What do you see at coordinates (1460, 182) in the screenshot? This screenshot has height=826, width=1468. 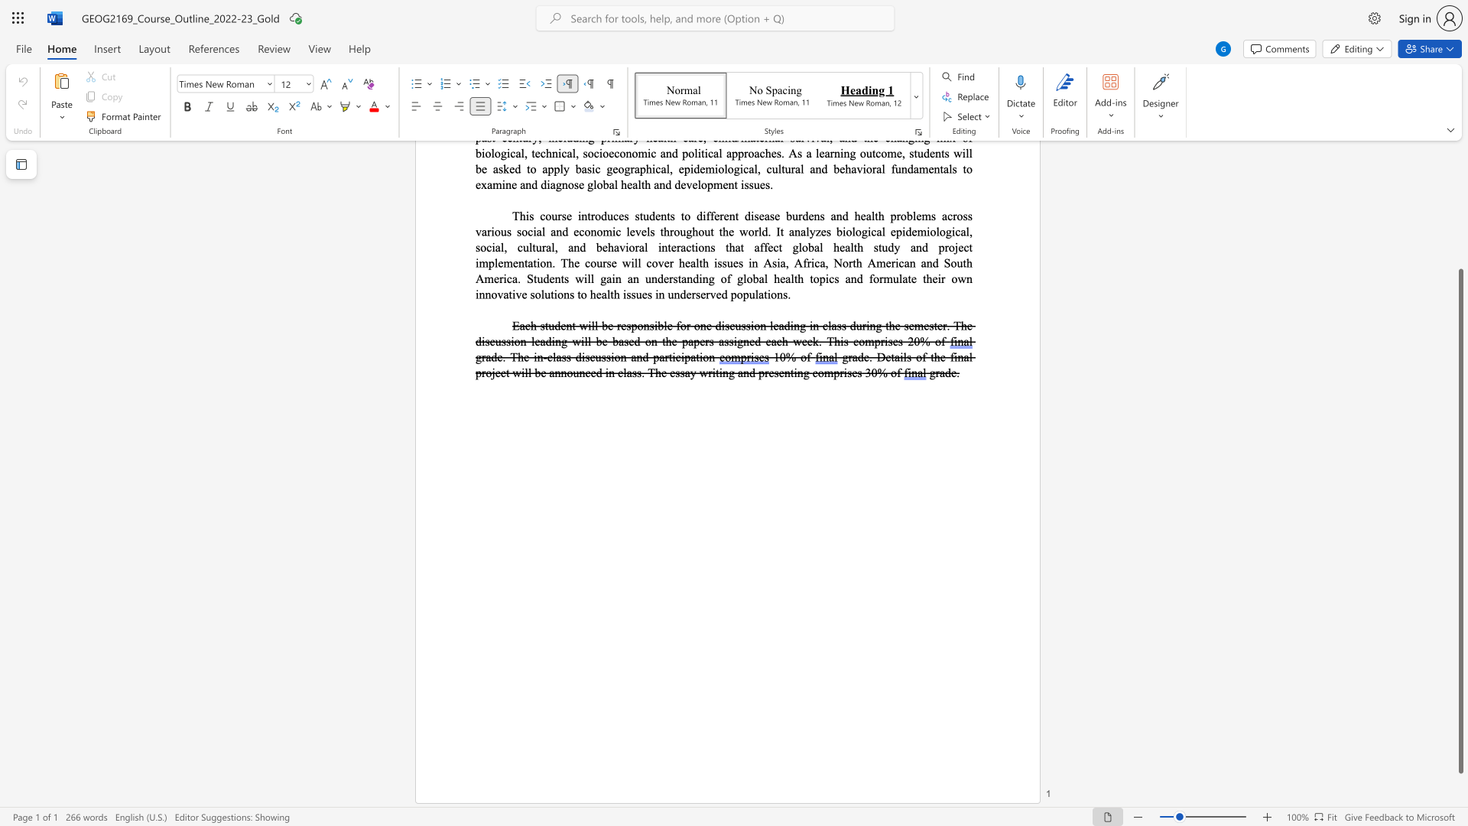 I see `the scrollbar on the right` at bounding box center [1460, 182].